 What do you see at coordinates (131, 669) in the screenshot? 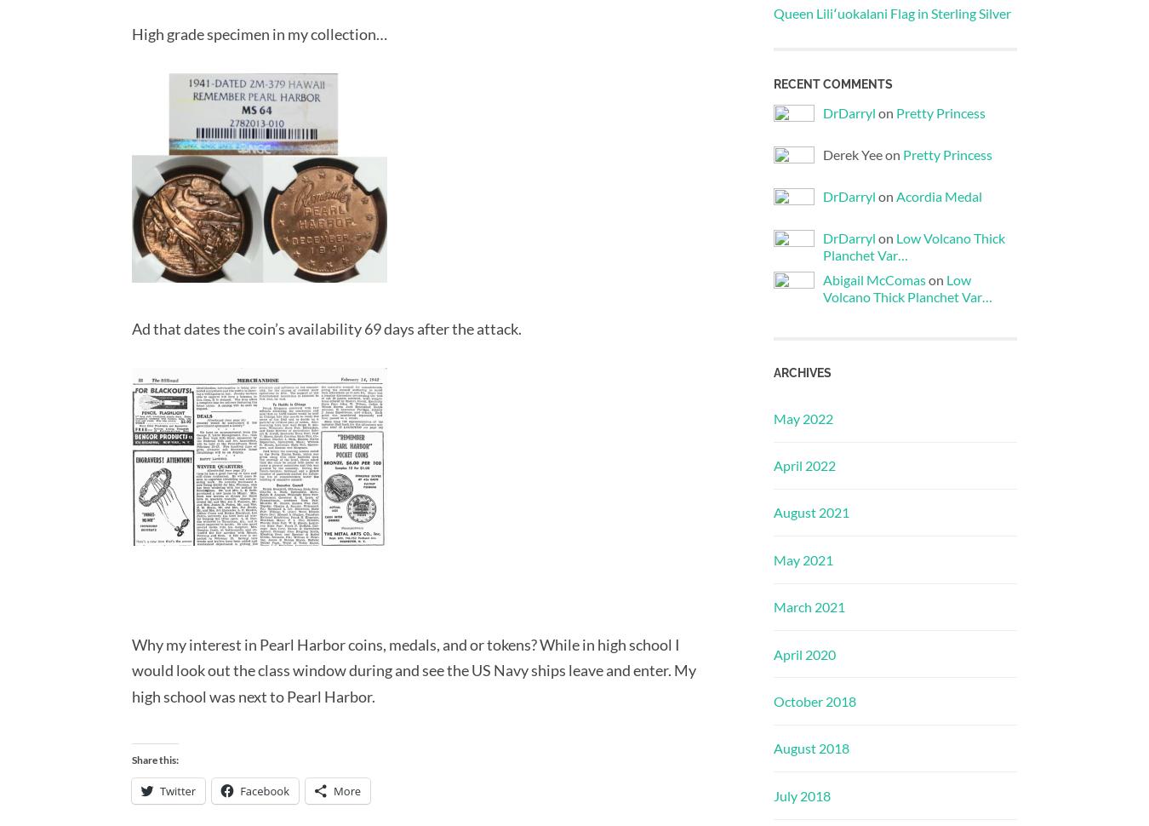
I see `'Why my interest in Pearl Harbor coins, medals, and or tokens? While in high school I would look out the class window during and see the US Navy ships leave and enter. My high school was next to Pearl Harbor.'` at bounding box center [131, 669].